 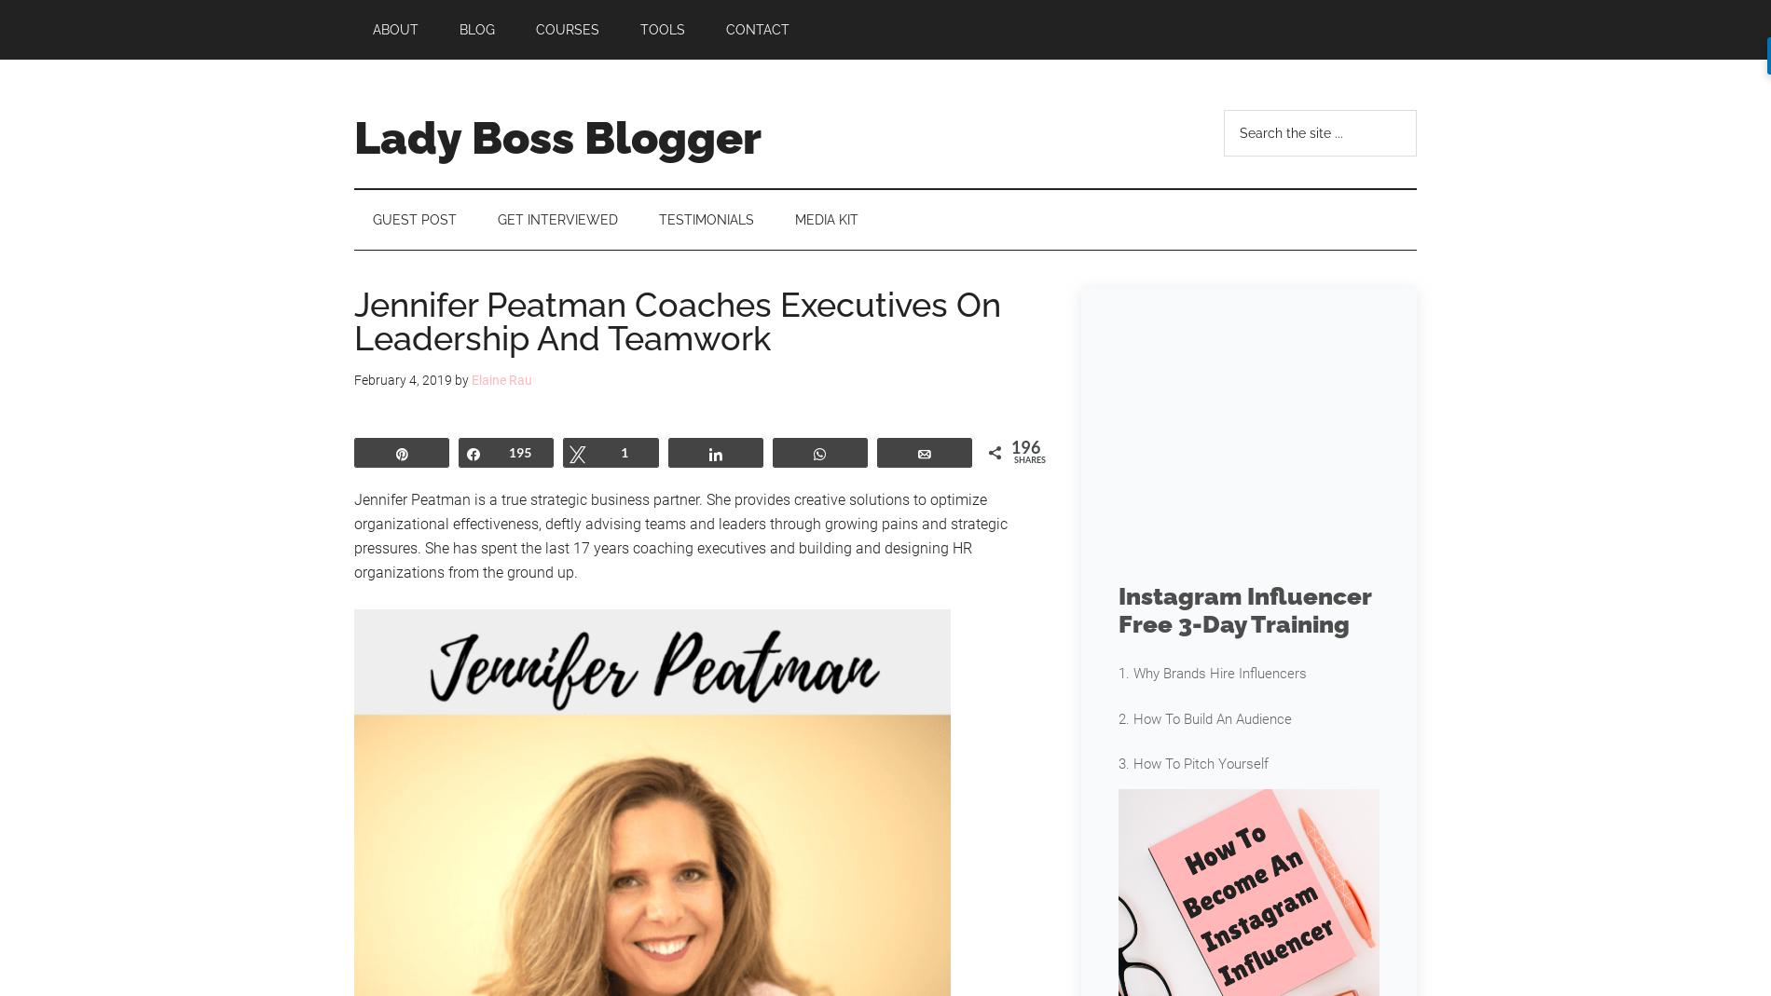 What do you see at coordinates (567, 28) in the screenshot?
I see `'Courses'` at bounding box center [567, 28].